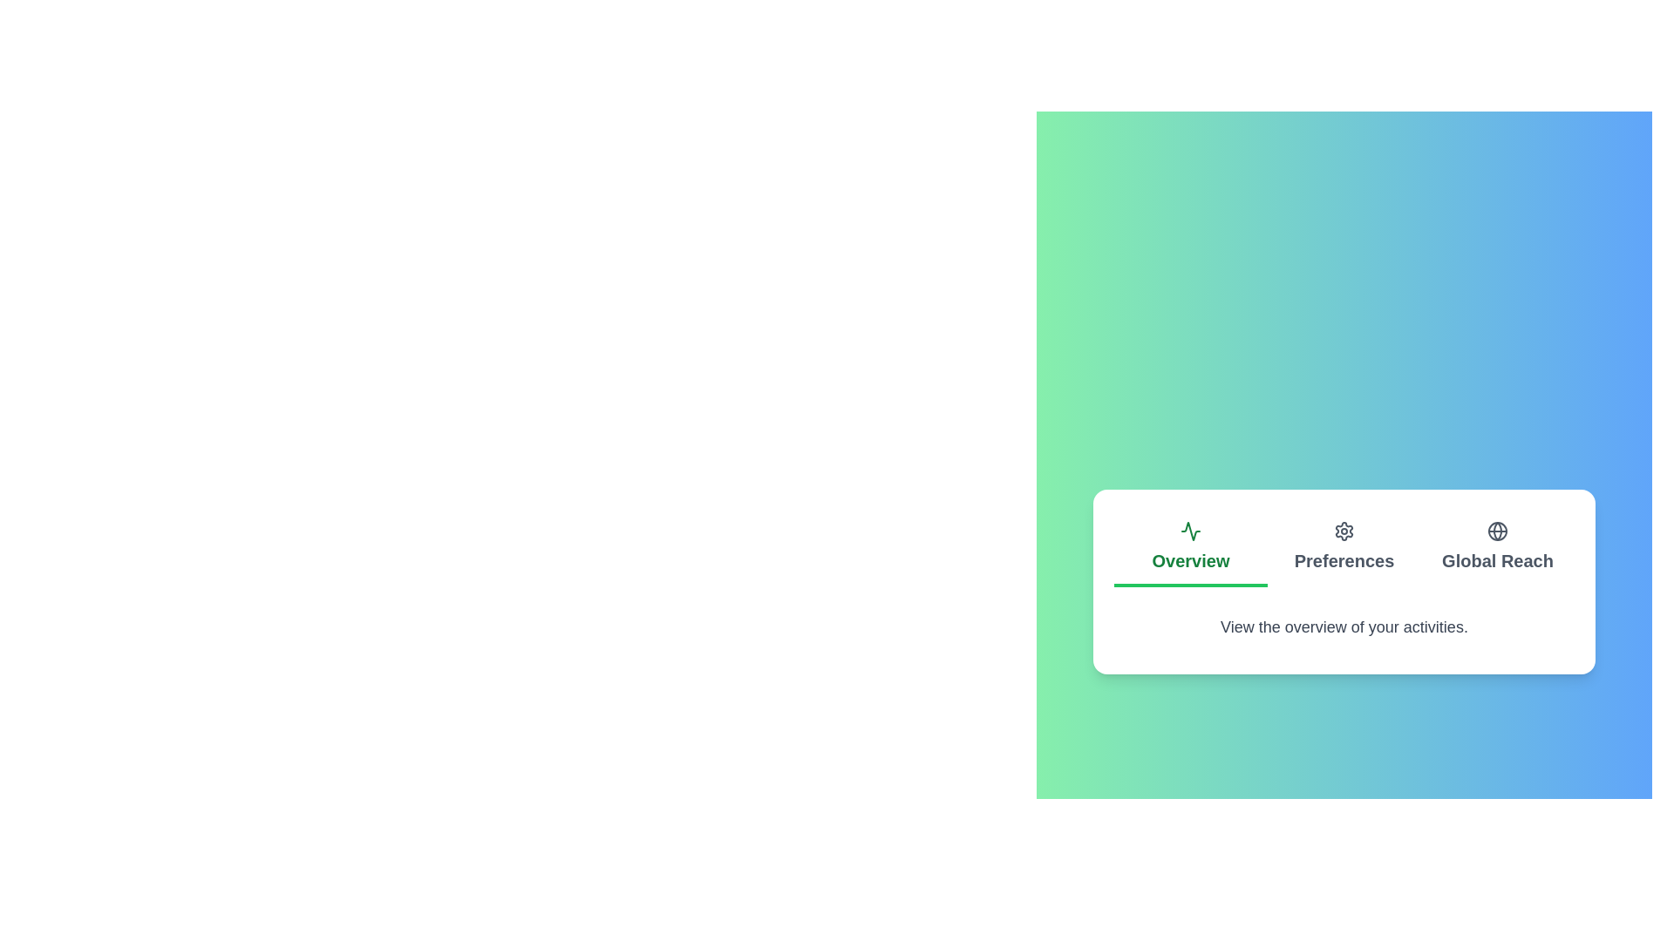 The image size is (1674, 941). What do you see at coordinates (1497, 547) in the screenshot?
I see `the Global Reach tab to see its interactive effect` at bounding box center [1497, 547].